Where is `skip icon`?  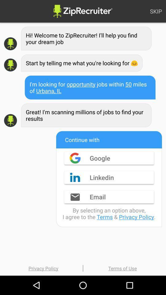 skip icon is located at coordinates (156, 11).